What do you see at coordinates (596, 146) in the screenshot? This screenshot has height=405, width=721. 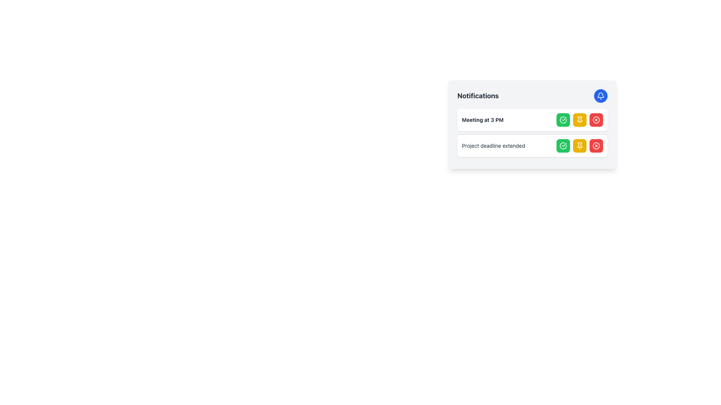 I see `the rightmost button in the second horizontal row of the notification section` at bounding box center [596, 146].